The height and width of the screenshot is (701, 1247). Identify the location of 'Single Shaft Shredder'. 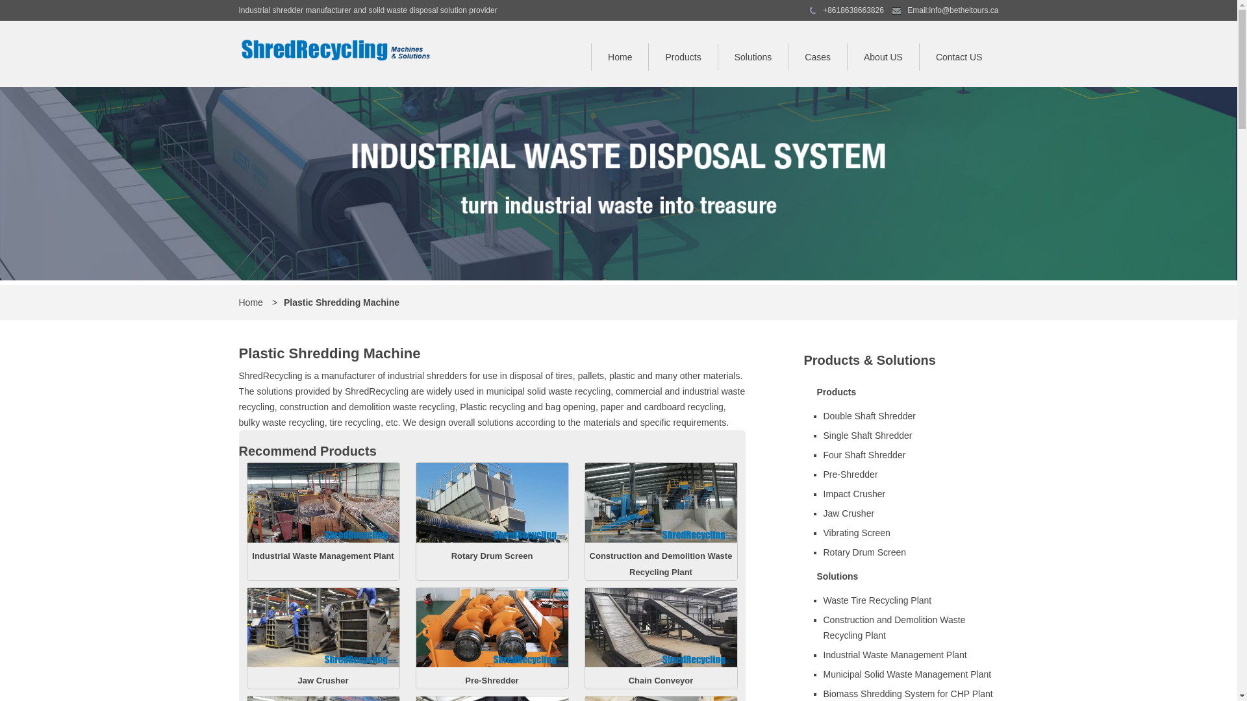
(909, 436).